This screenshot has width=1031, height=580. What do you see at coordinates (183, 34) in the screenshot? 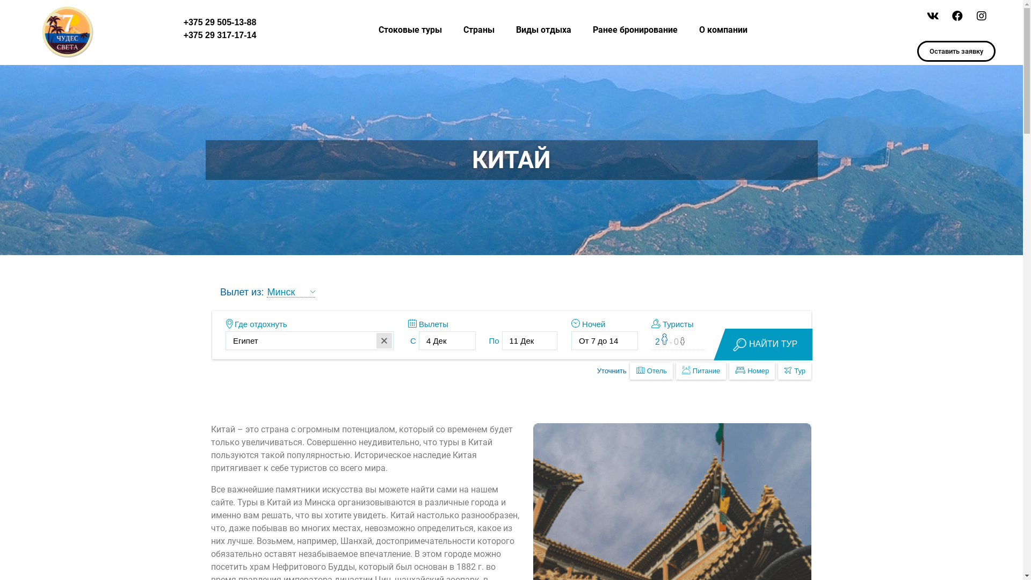
I see `'+375 29 317-17-14'` at bounding box center [183, 34].